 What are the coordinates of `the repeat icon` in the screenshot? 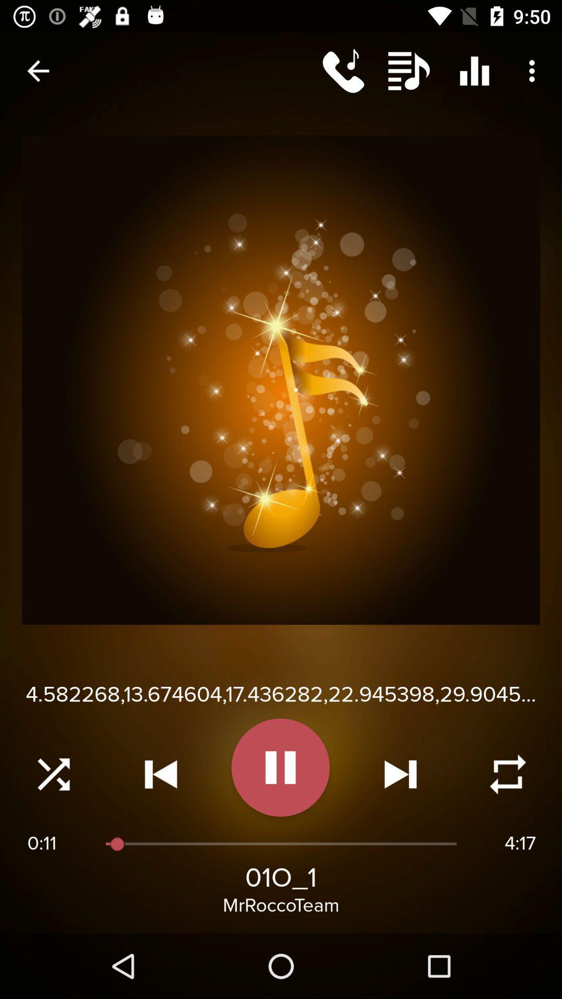 It's located at (507, 774).